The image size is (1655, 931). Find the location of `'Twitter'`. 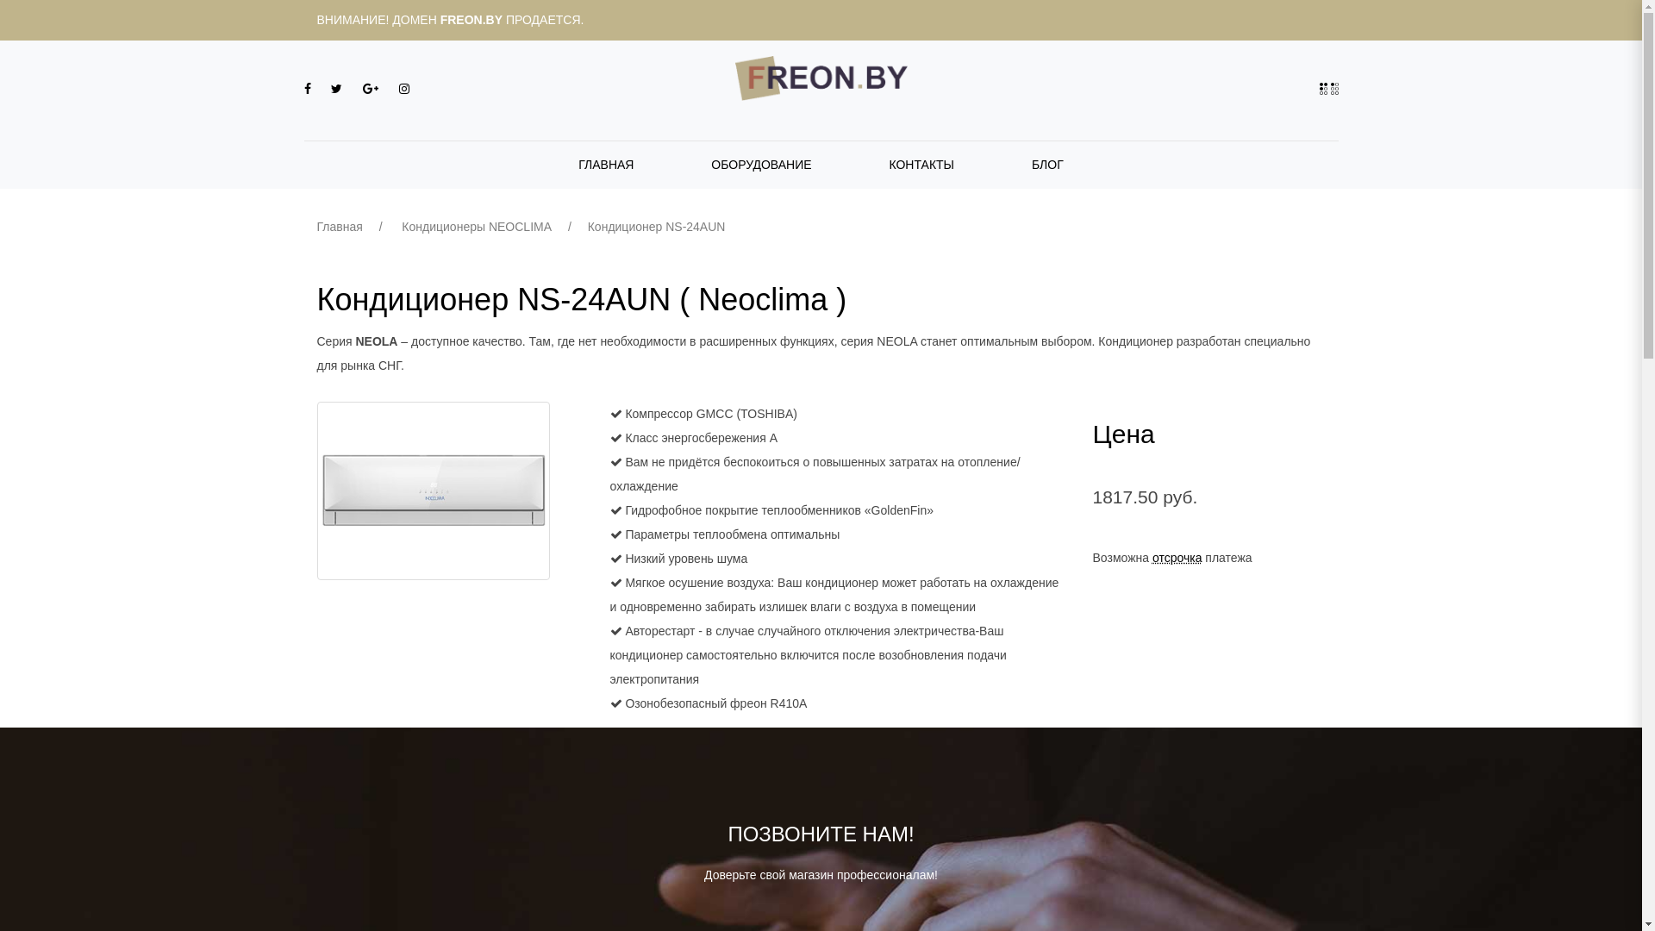

'Twitter' is located at coordinates (338, 89).